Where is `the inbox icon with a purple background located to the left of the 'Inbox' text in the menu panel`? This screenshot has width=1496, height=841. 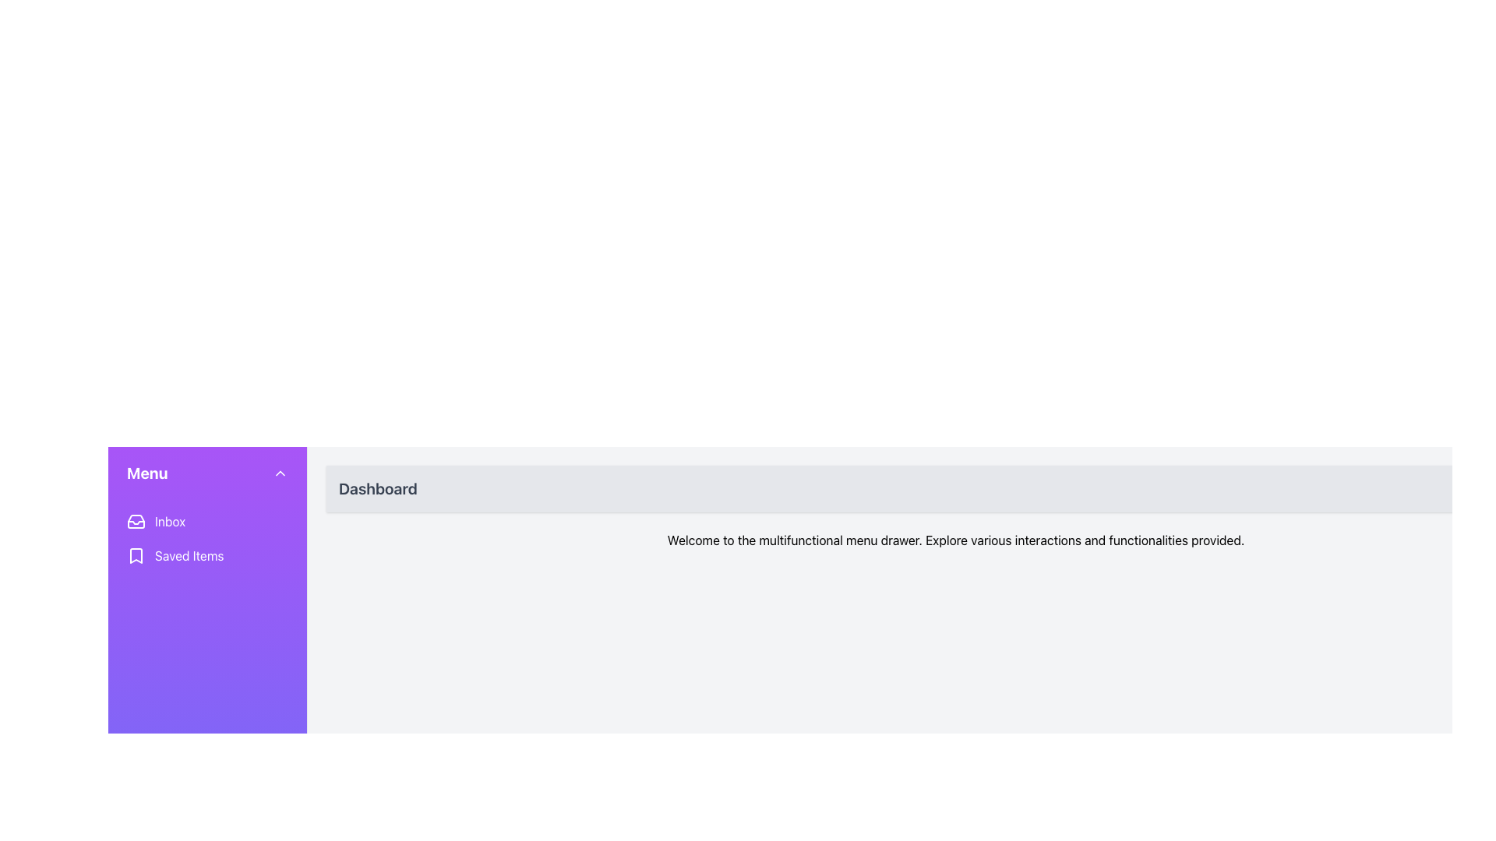 the inbox icon with a purple background located to the left of the 'Inbox' text in the menu panel is located at coordinates (136, 522).